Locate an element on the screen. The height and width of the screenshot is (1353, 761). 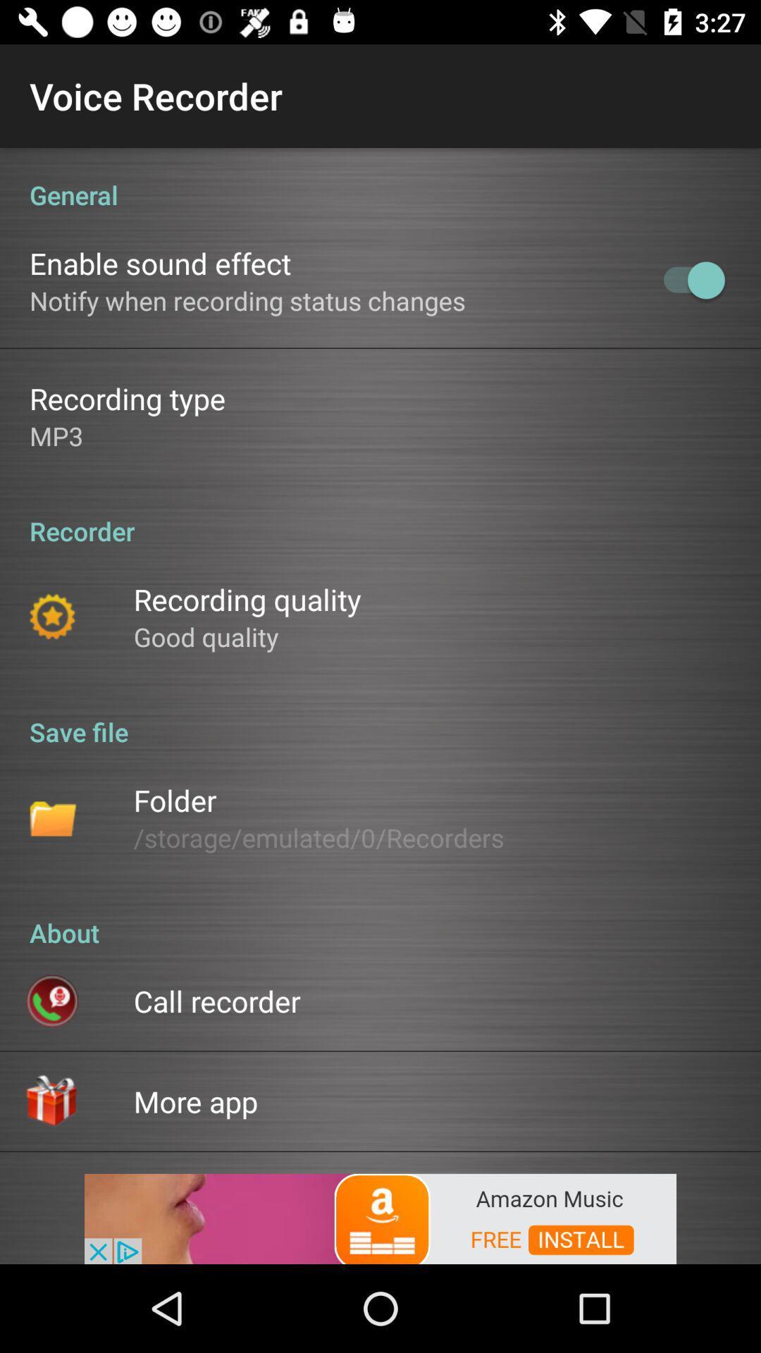
install application is located at coordinates (380, 1217).